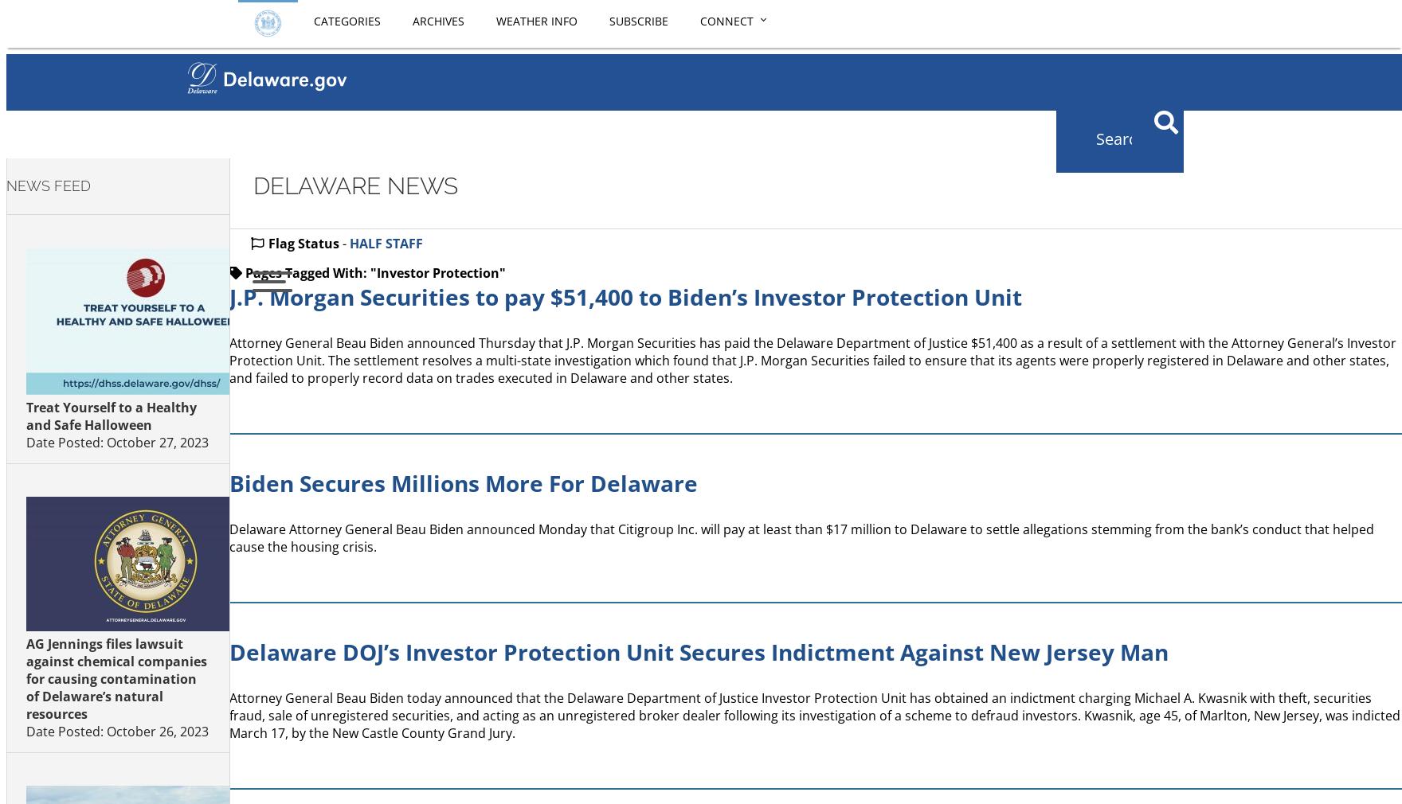  Describe the element at coordinates (815, 716) in the screenshot. I see `'Attorney General Beau Biden today announced that the Delaware Department of Justice Investor Protection Unit has obtained an indictment charging Michael A. Kwasnik with theft, securities fraud, sale of unregistered securities, and acting as an unregistered broker dealer following its investigation of a scheme to defraud investors. Kwasnik, age 45, of Marlton, New Jersey, was indicted March 17, by the New Castle County Grand Jury.'` at that location.